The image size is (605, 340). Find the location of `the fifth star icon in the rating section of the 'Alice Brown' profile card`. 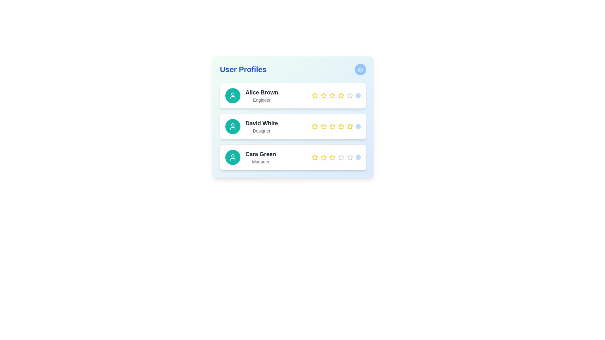

the fifth star icon in the rating section of the 'Alice Brown' profile card is located at coordinates (341, 96).